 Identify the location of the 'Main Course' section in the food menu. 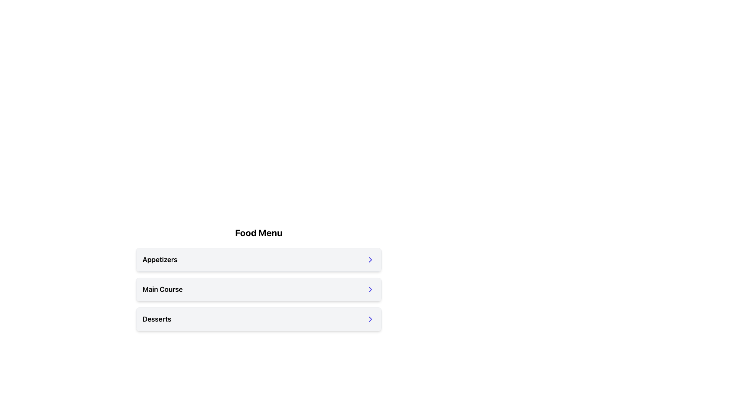
(258, 290).